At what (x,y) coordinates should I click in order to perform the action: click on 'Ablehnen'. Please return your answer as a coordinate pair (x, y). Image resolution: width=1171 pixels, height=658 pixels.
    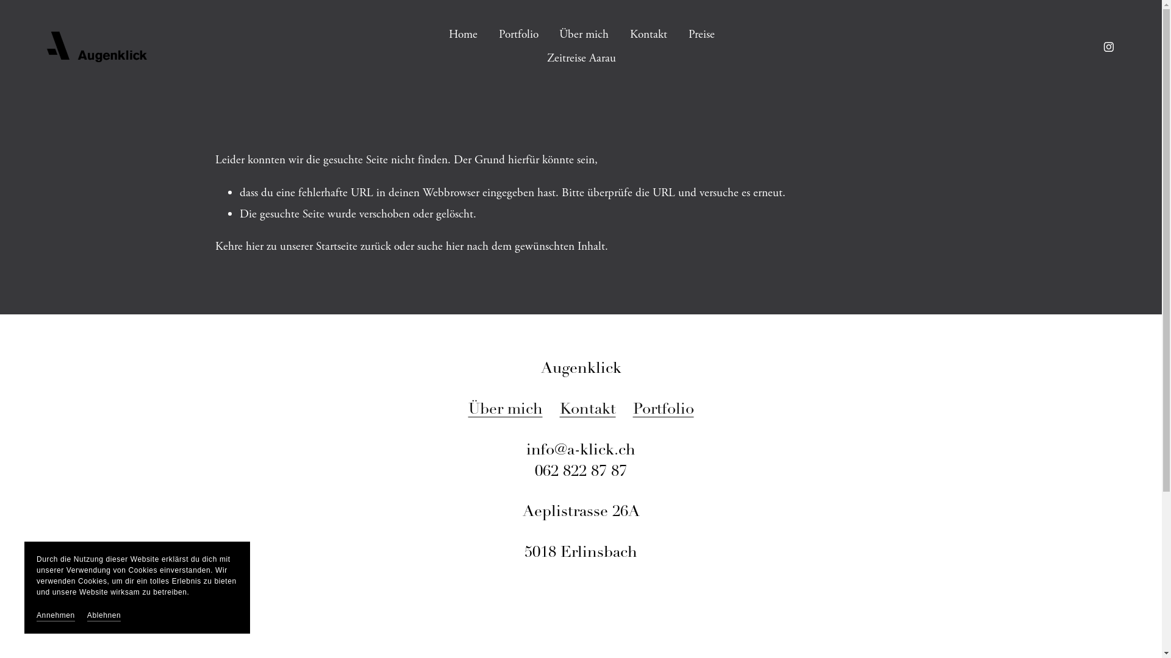
    Looking at the image, I should click on (104, 615).